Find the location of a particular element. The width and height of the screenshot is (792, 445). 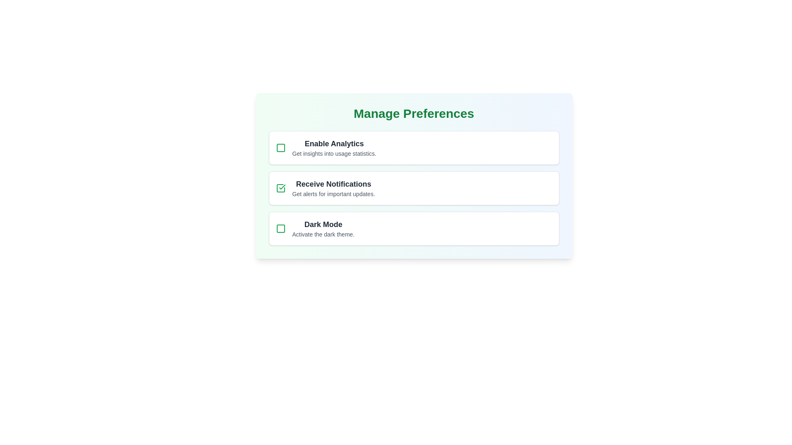

the bold text label reading 'Dark Mode', which is positioned above the description text 'Activate the dark theme.' and to the immediate right of an empty checkbox is located at coordinates (323, 224).